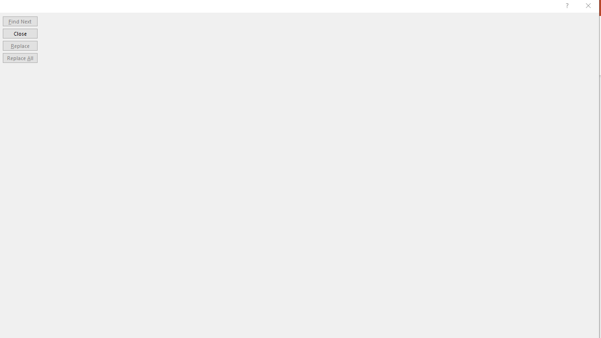 This screenshot has height=338, width=601. What do you see at coordinates (20, 46) in the screenshot?
I see `'Replace'` at bounding box center [20, 46].